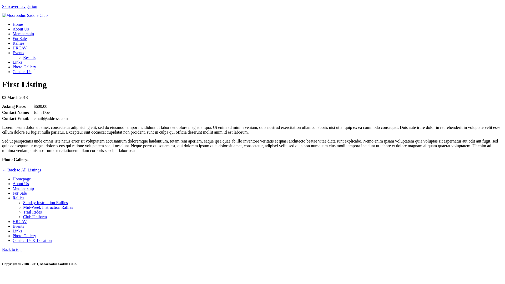  What do you see at coordinates (48, 207) in the screenshot?
I see `'Mid-Week Instruction Rallies'` at bounding box center [48, 207].